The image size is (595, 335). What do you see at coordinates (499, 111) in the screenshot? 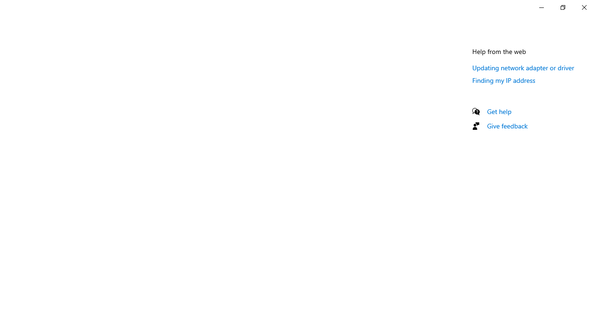
I see `'Get help'` at bounding box center [499, 111].